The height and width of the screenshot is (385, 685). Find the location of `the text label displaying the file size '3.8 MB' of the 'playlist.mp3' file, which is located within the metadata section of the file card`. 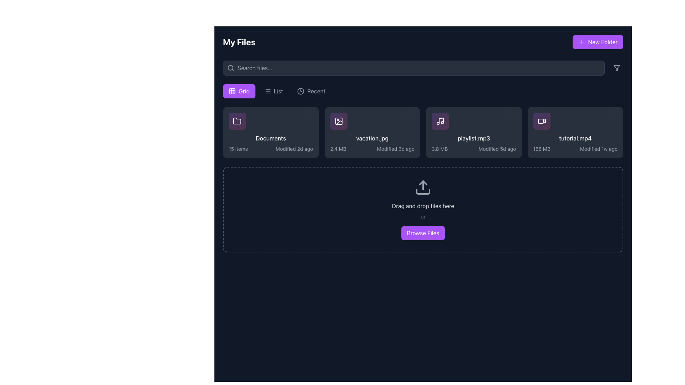

the text label displaying the file size '3.8 MB' of the 'playlist.mp3' file, which is located within the metadata section of the file card is located at coordinates (439, 148).